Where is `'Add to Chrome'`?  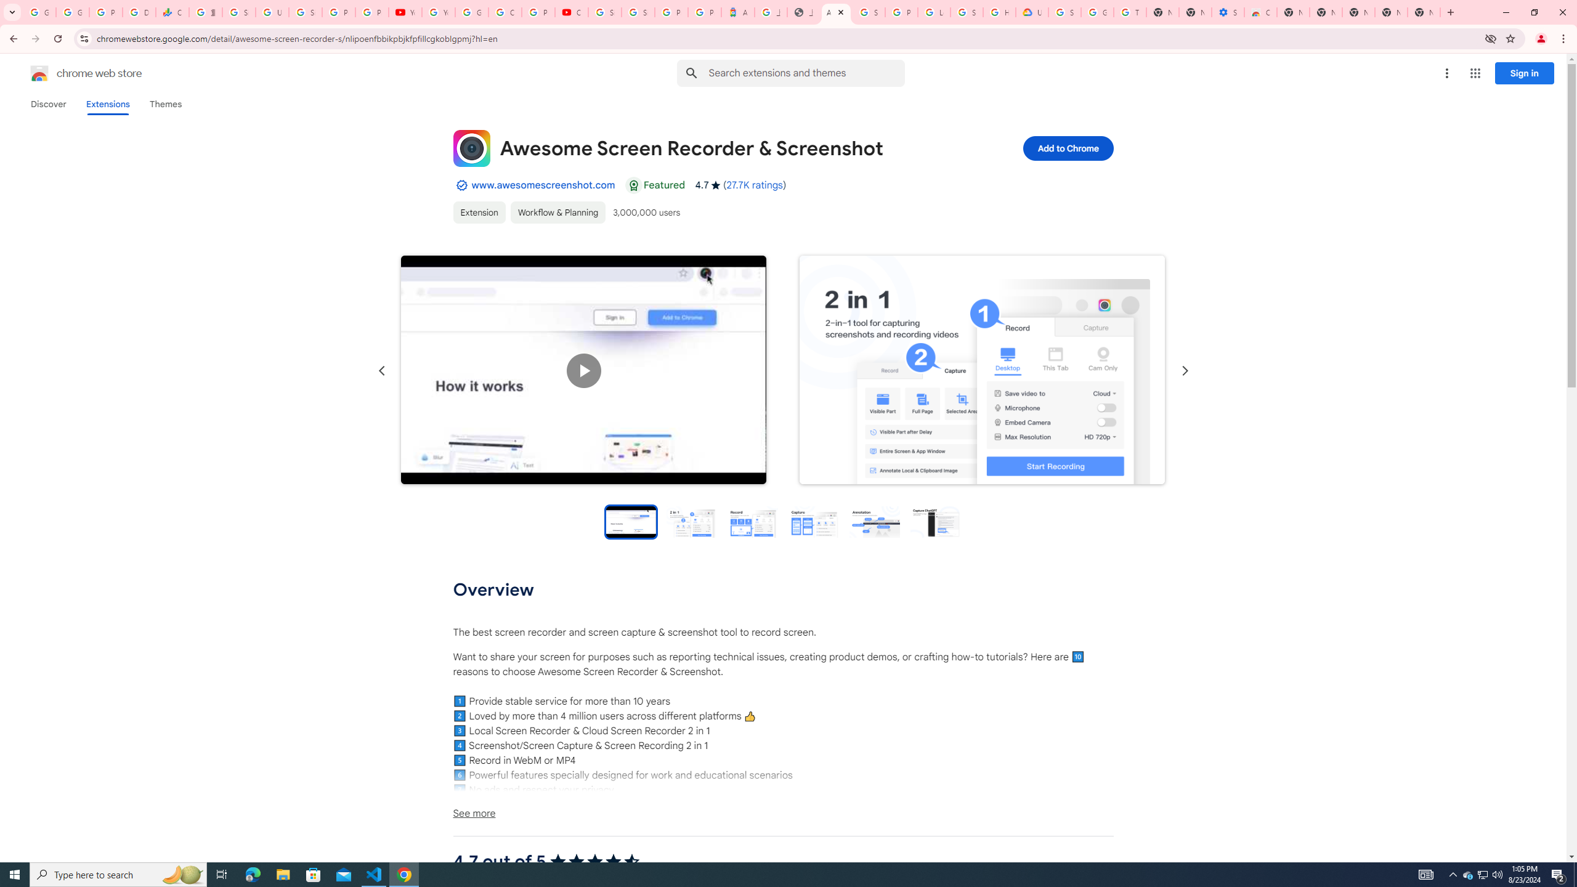 'Add to Chrome' is located at coordinates (1067, 148).